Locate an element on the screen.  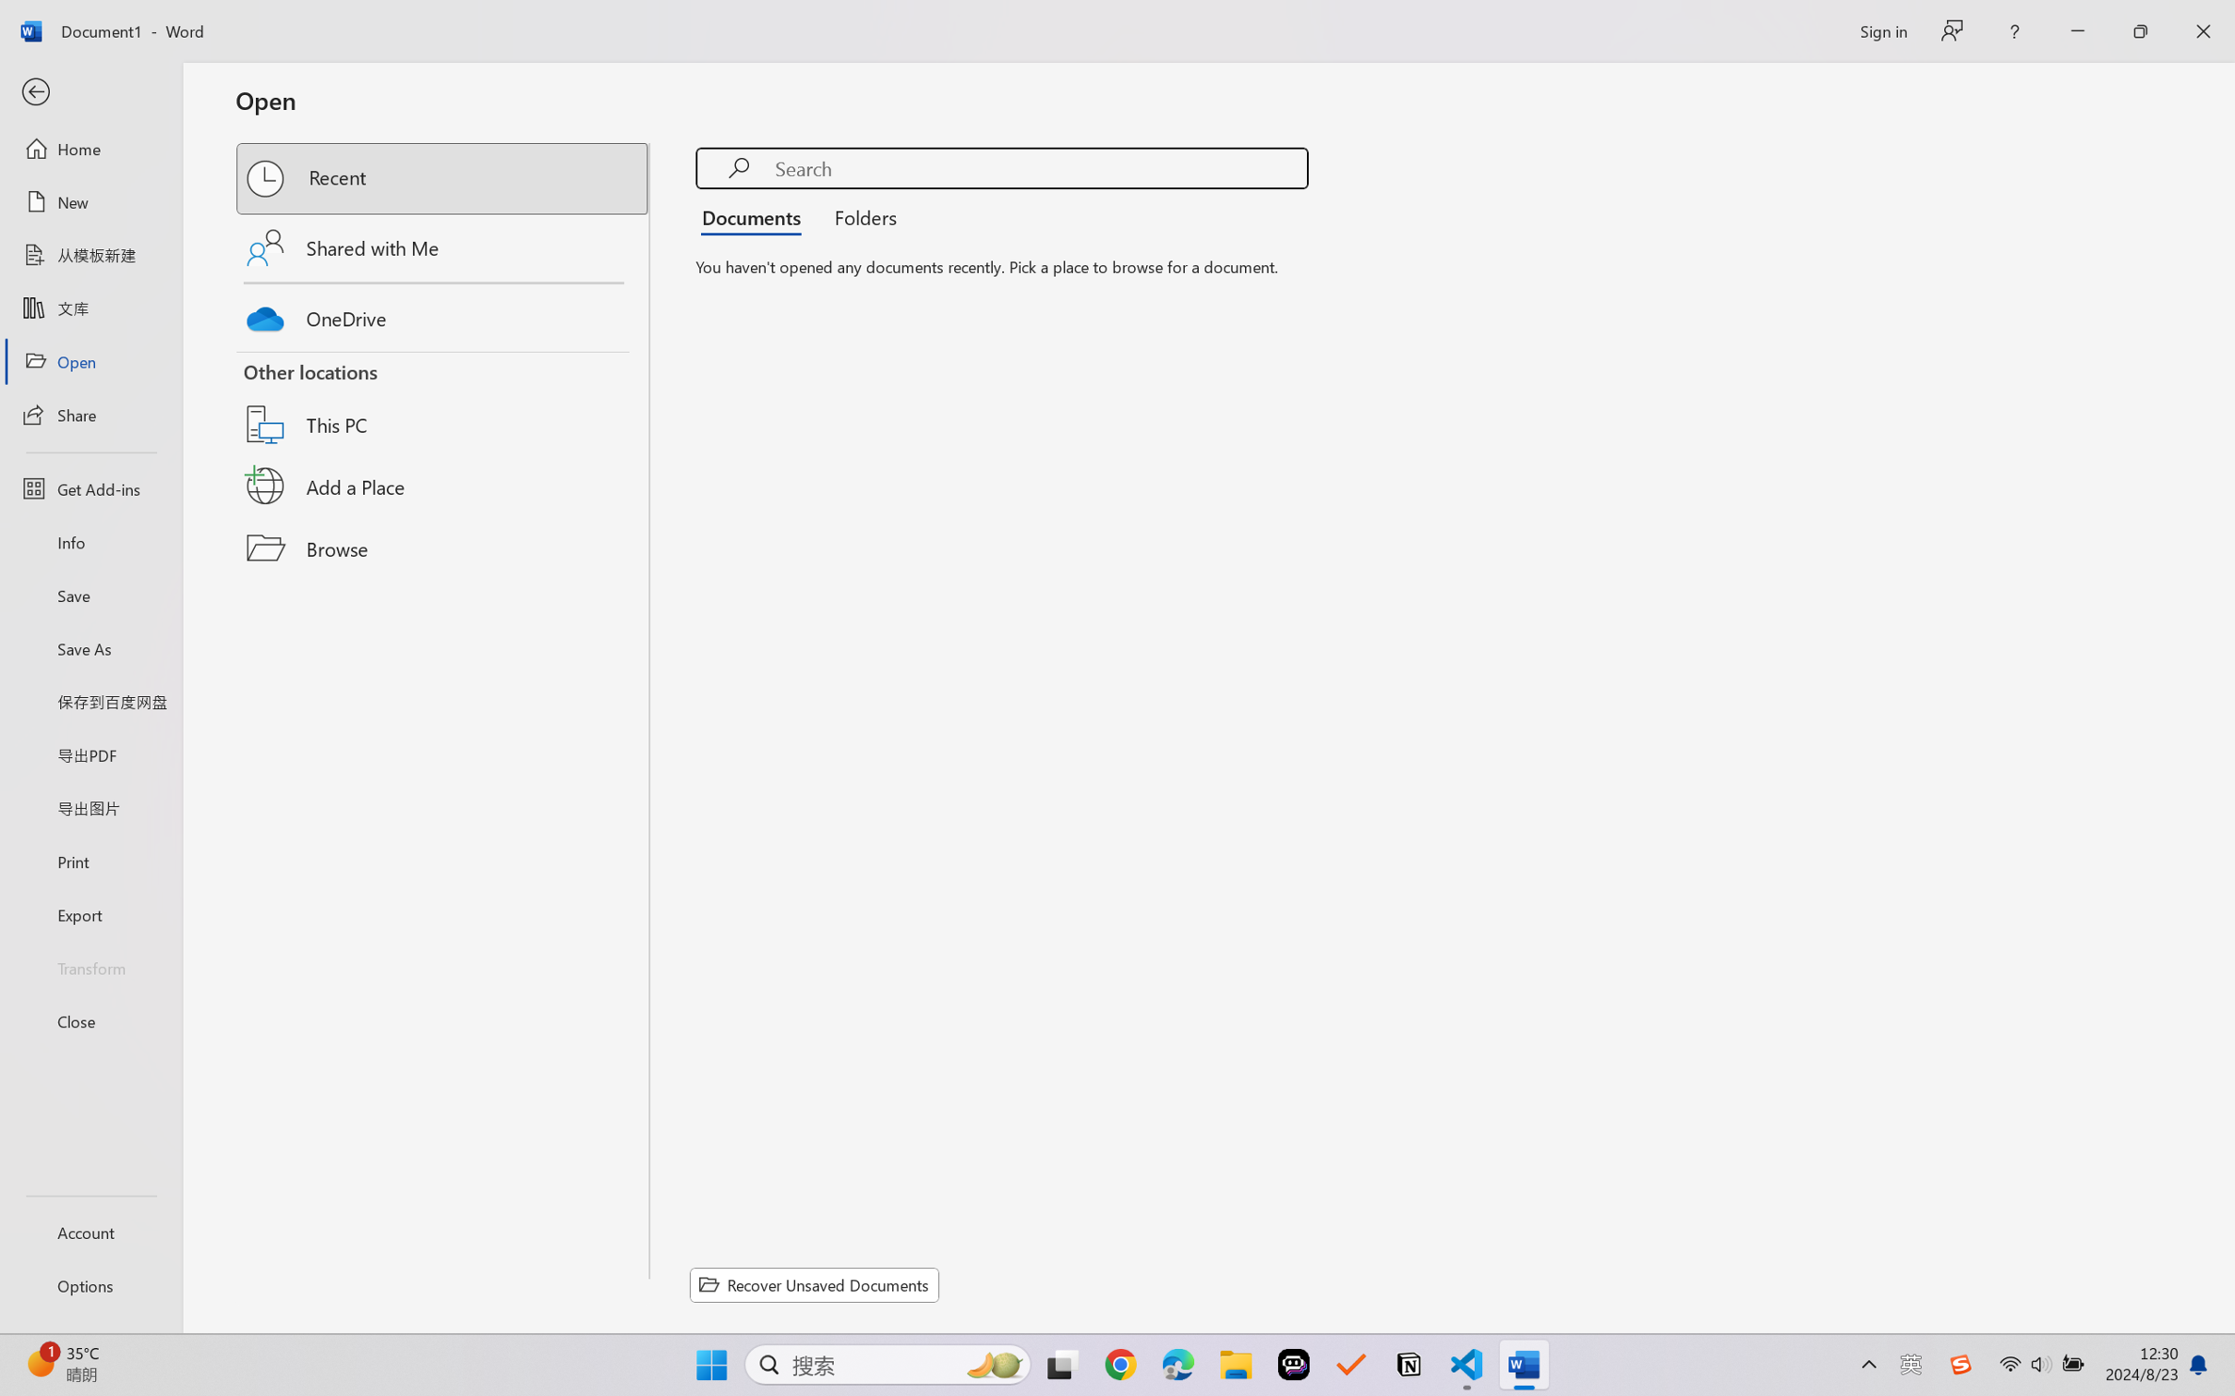
'Browse' is located at coordinates (443, 548).